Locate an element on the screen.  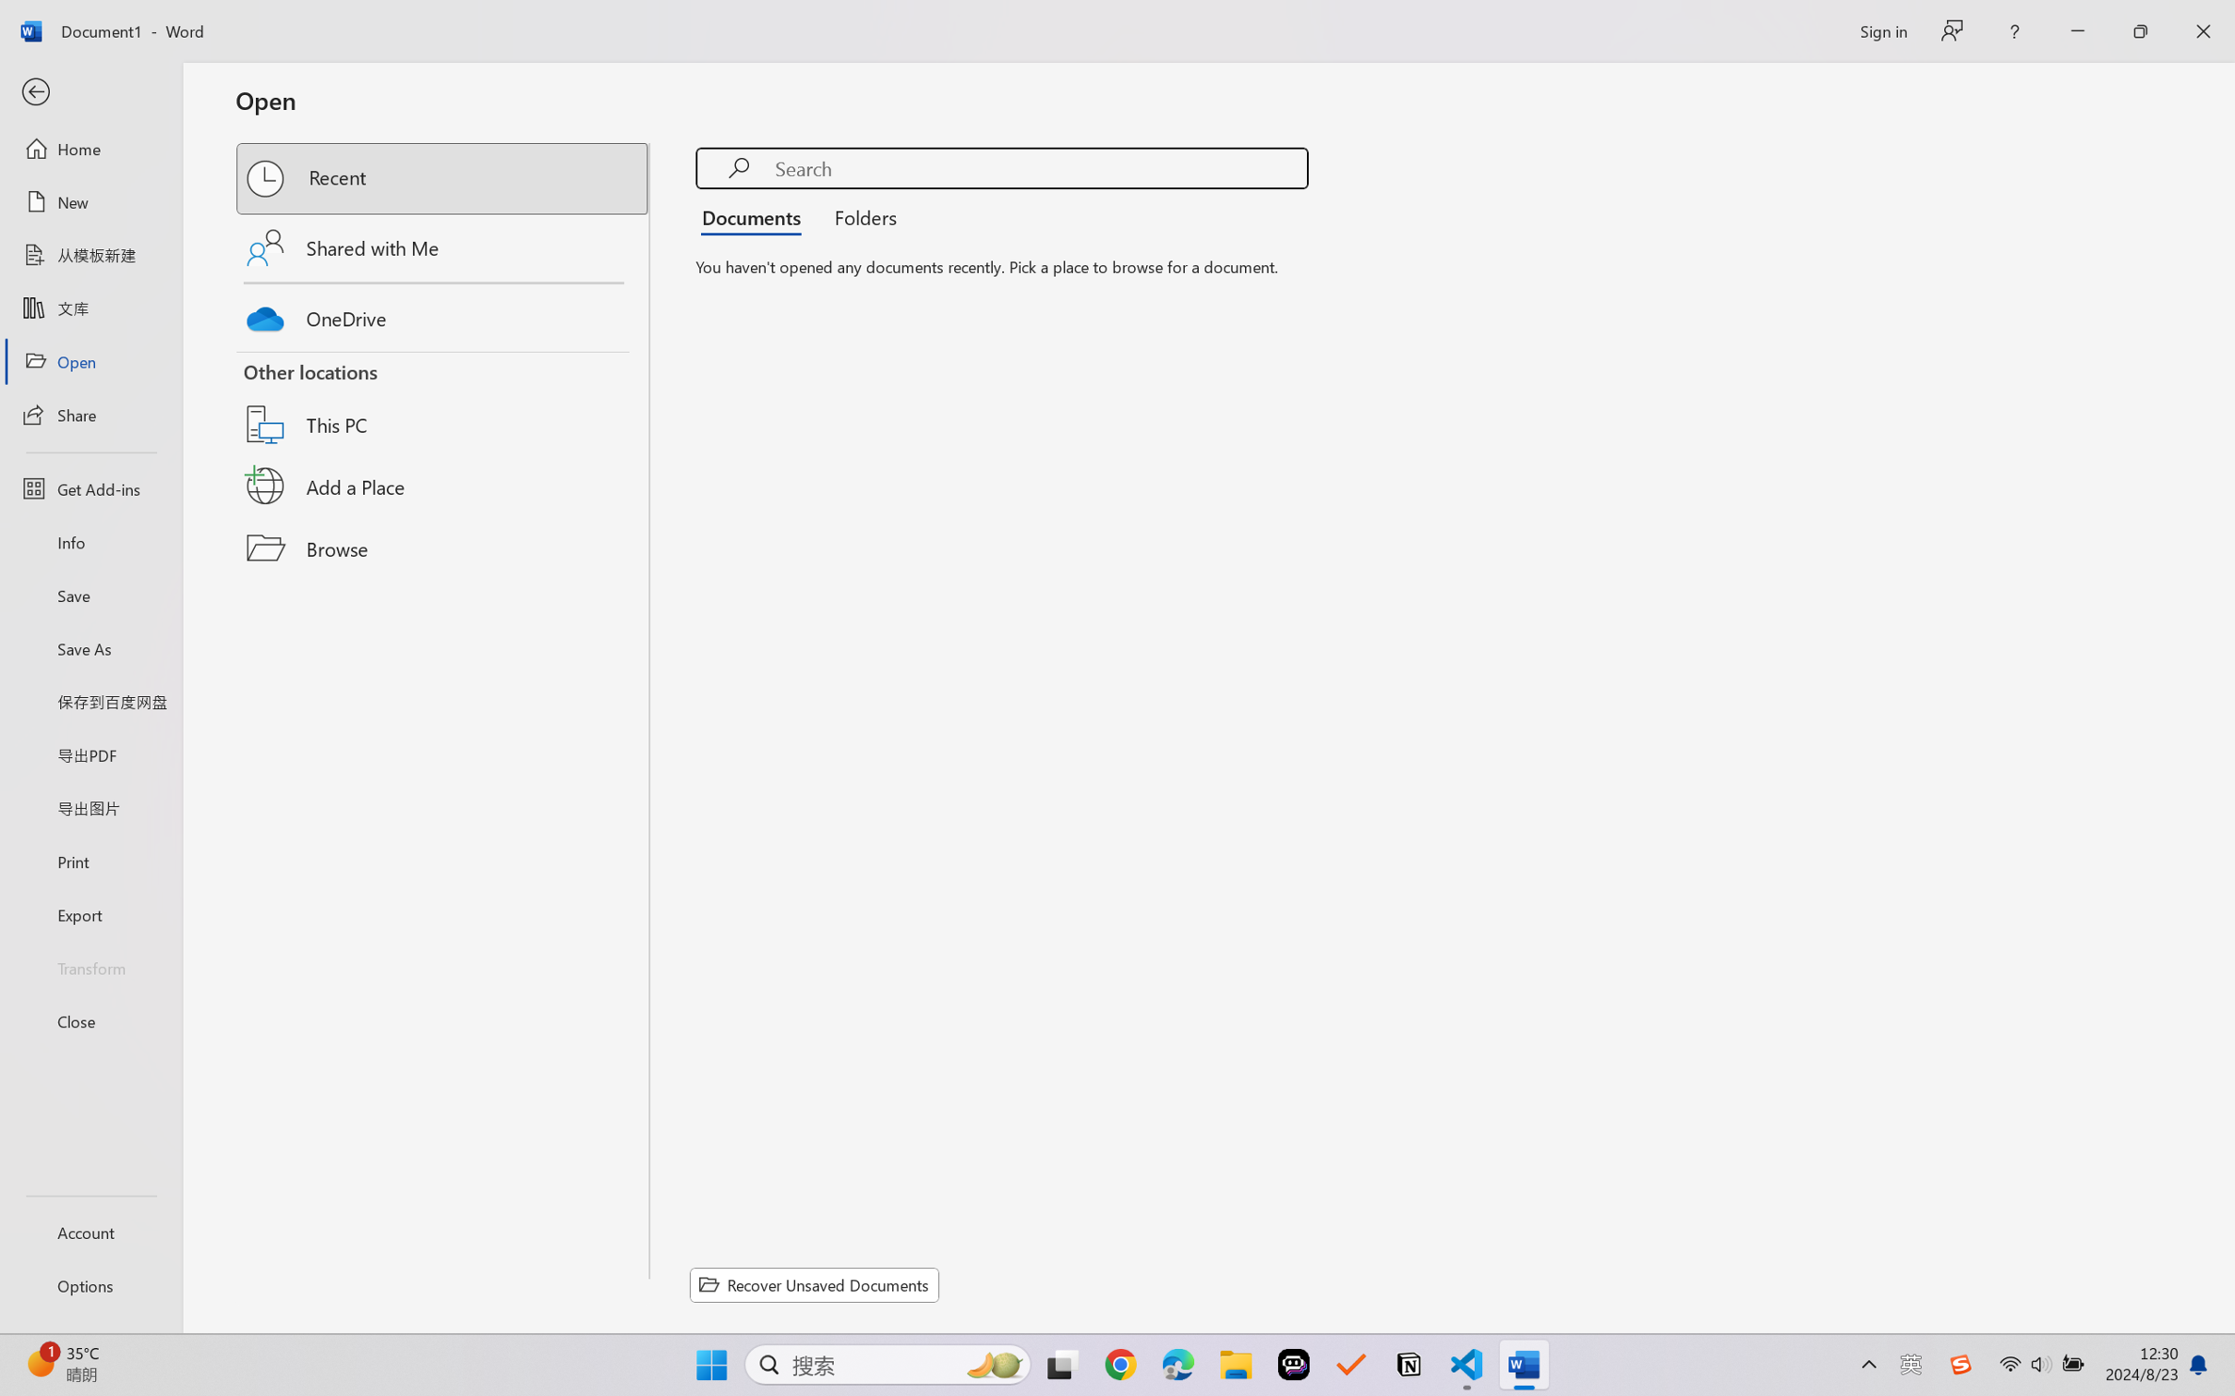
'Browse' is located at coordinates (443, 548).